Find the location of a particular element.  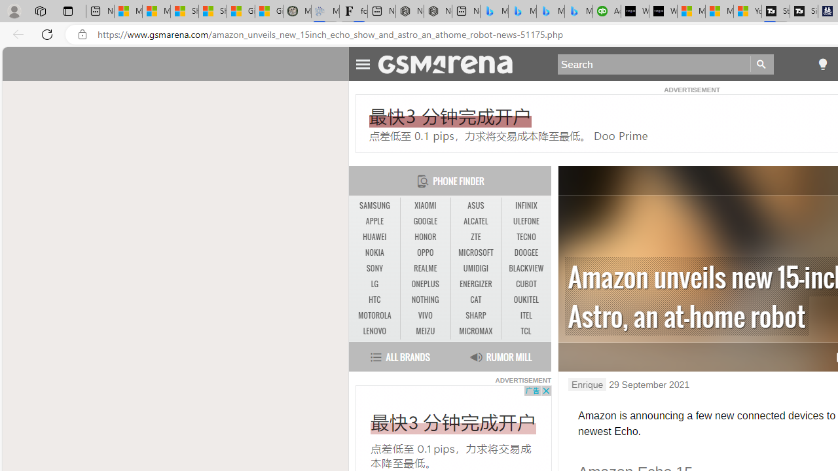

'DOOGEE' is located at coordinates (526, 253).